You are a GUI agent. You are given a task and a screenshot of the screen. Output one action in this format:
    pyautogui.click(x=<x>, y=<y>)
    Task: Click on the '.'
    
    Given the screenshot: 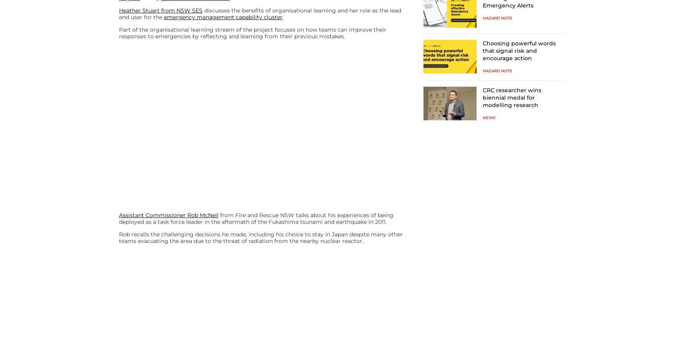 What is the action you would take?
    pyautogui.click(x=283, y=16)
    